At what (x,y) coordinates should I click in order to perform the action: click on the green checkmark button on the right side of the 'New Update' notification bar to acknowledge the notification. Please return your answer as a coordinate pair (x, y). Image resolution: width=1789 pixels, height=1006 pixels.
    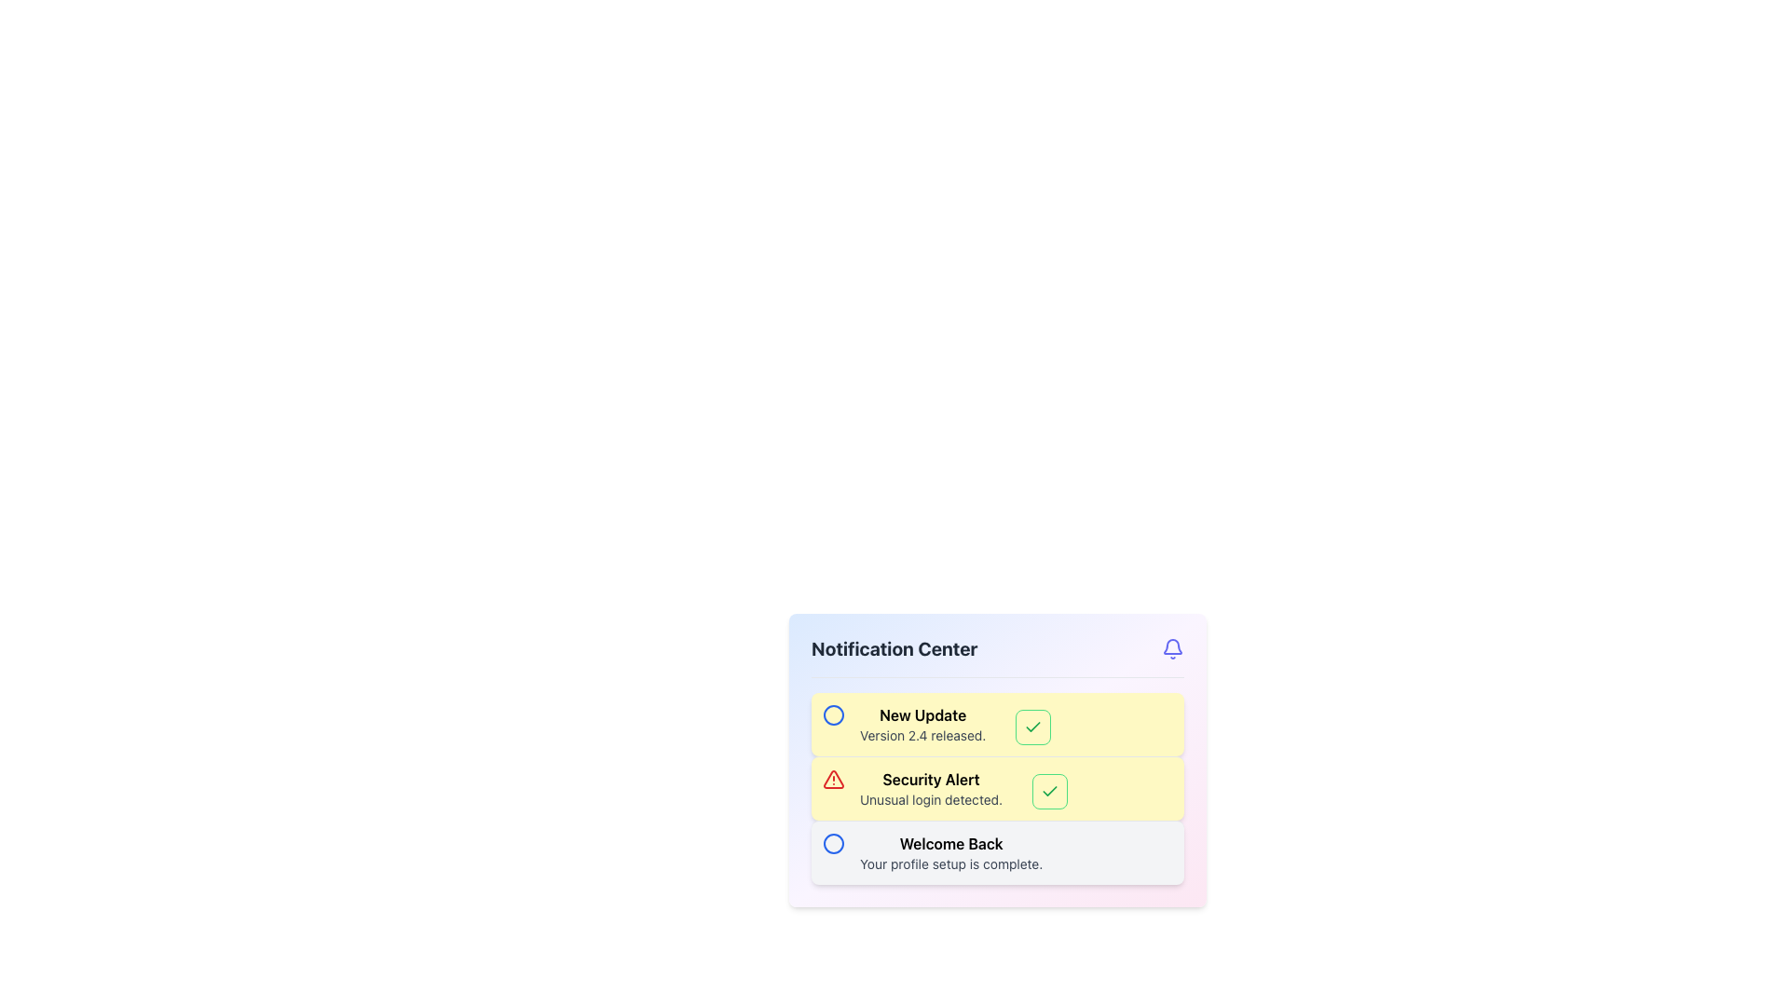
    Looking at the image, I should click on (1032, 726).